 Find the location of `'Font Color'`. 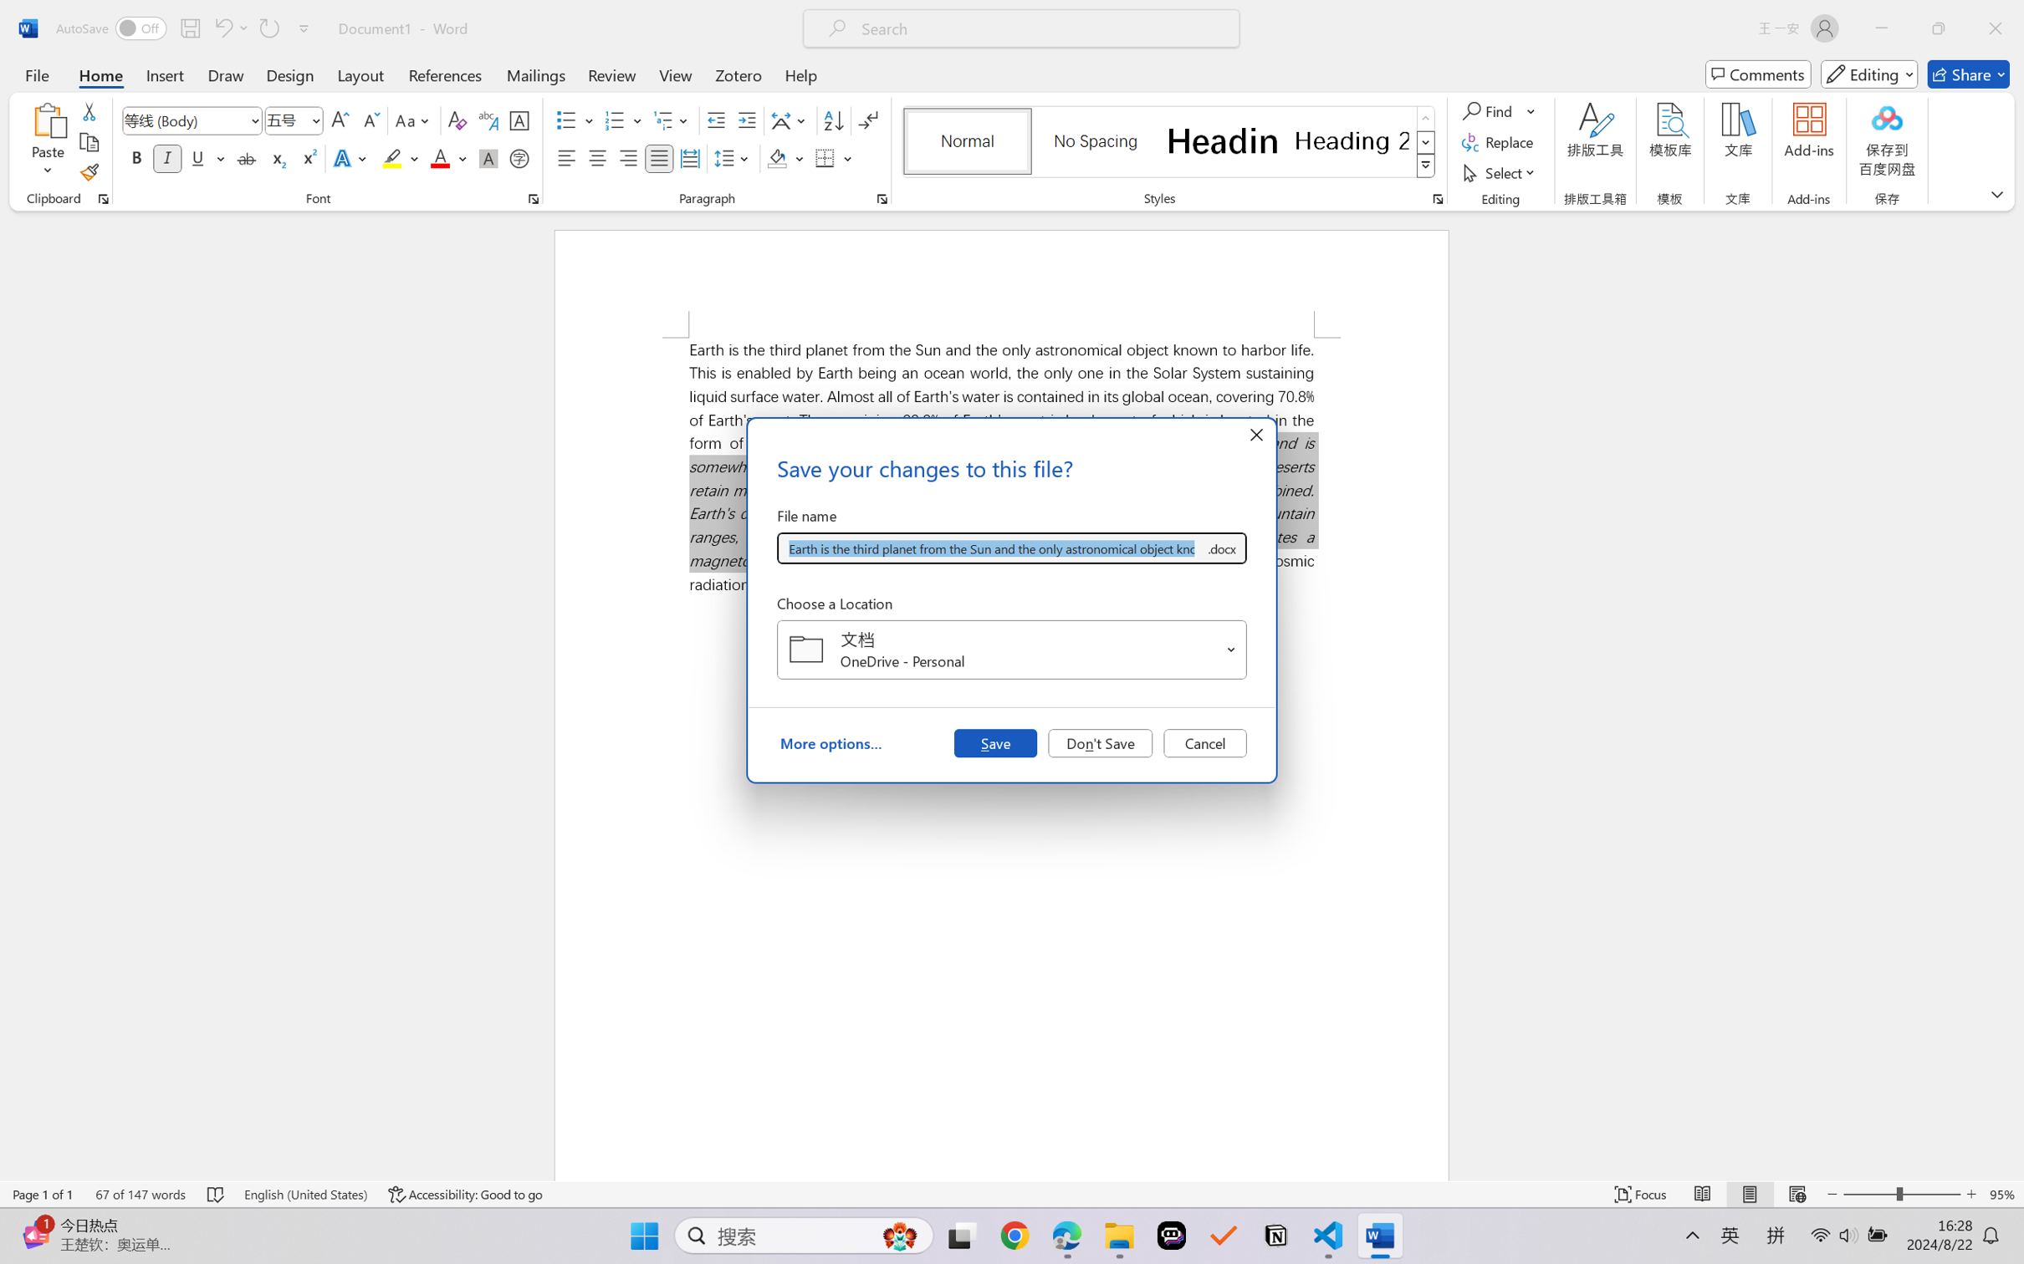

'Font Color' is located at coordinates (448, 157).